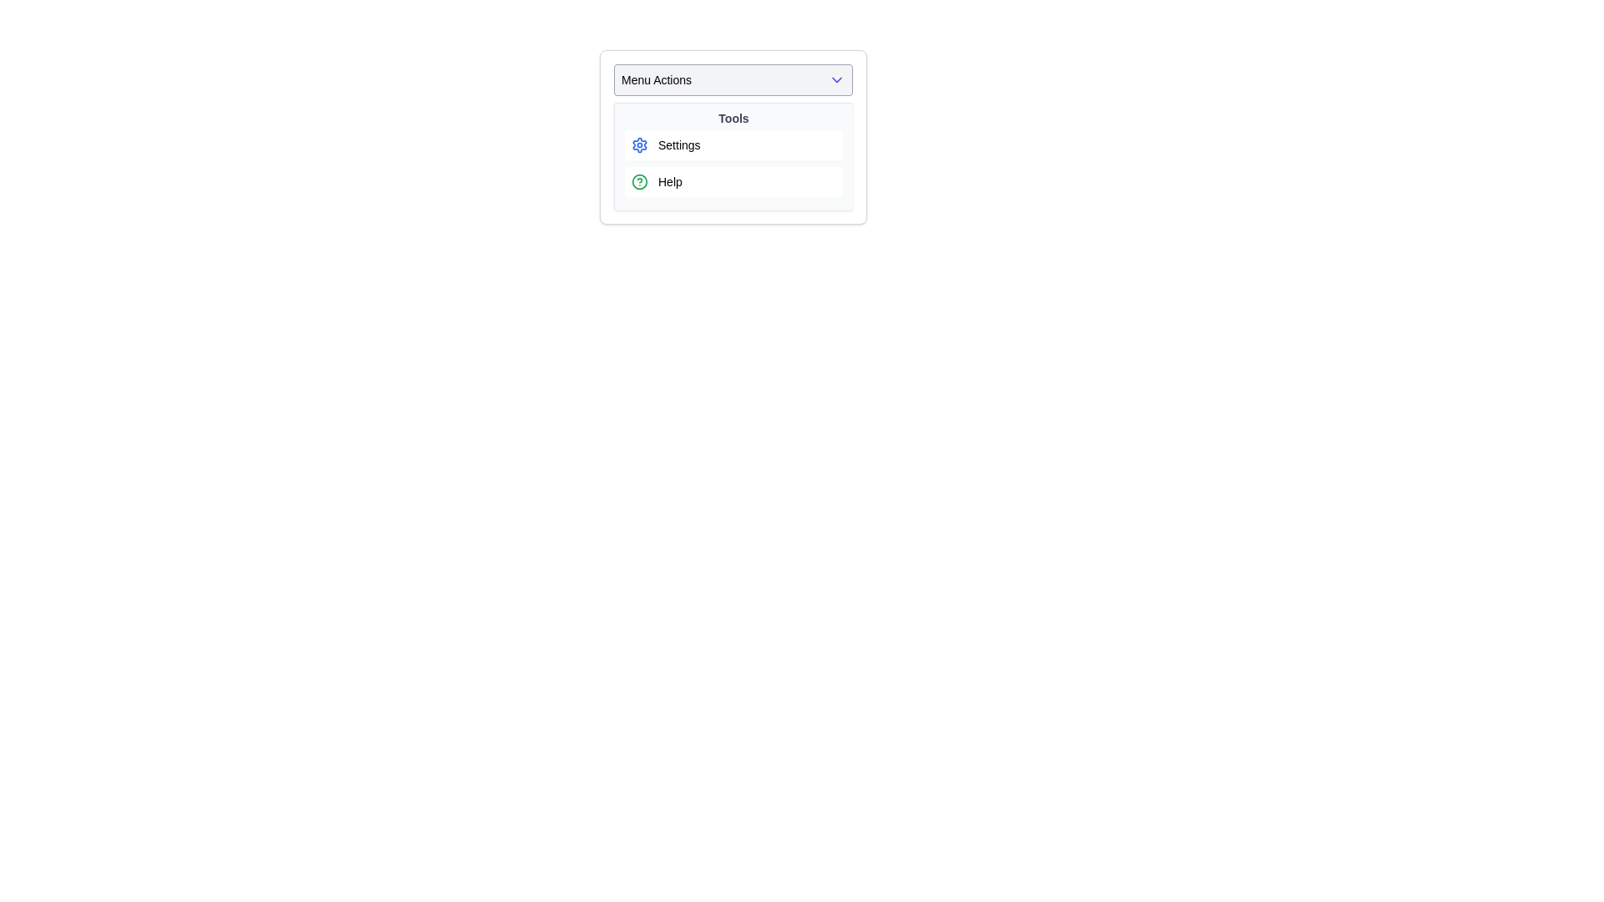 The image size is (1604, 902). I want to click on the dropdown toggle icon located on the right side of the 'Menu Actions' header section, so click(837, 80).